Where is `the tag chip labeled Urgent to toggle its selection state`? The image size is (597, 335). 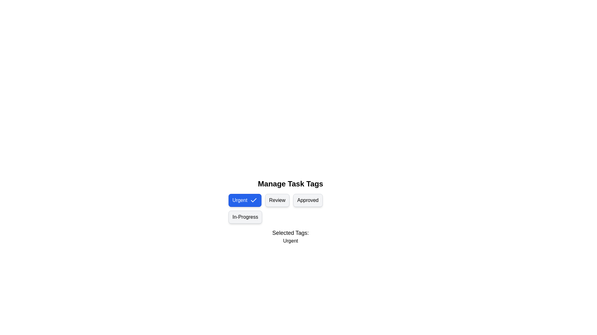 the tag chip labeled Urgent to toggle its selection state is located at coordinates (244, 200).